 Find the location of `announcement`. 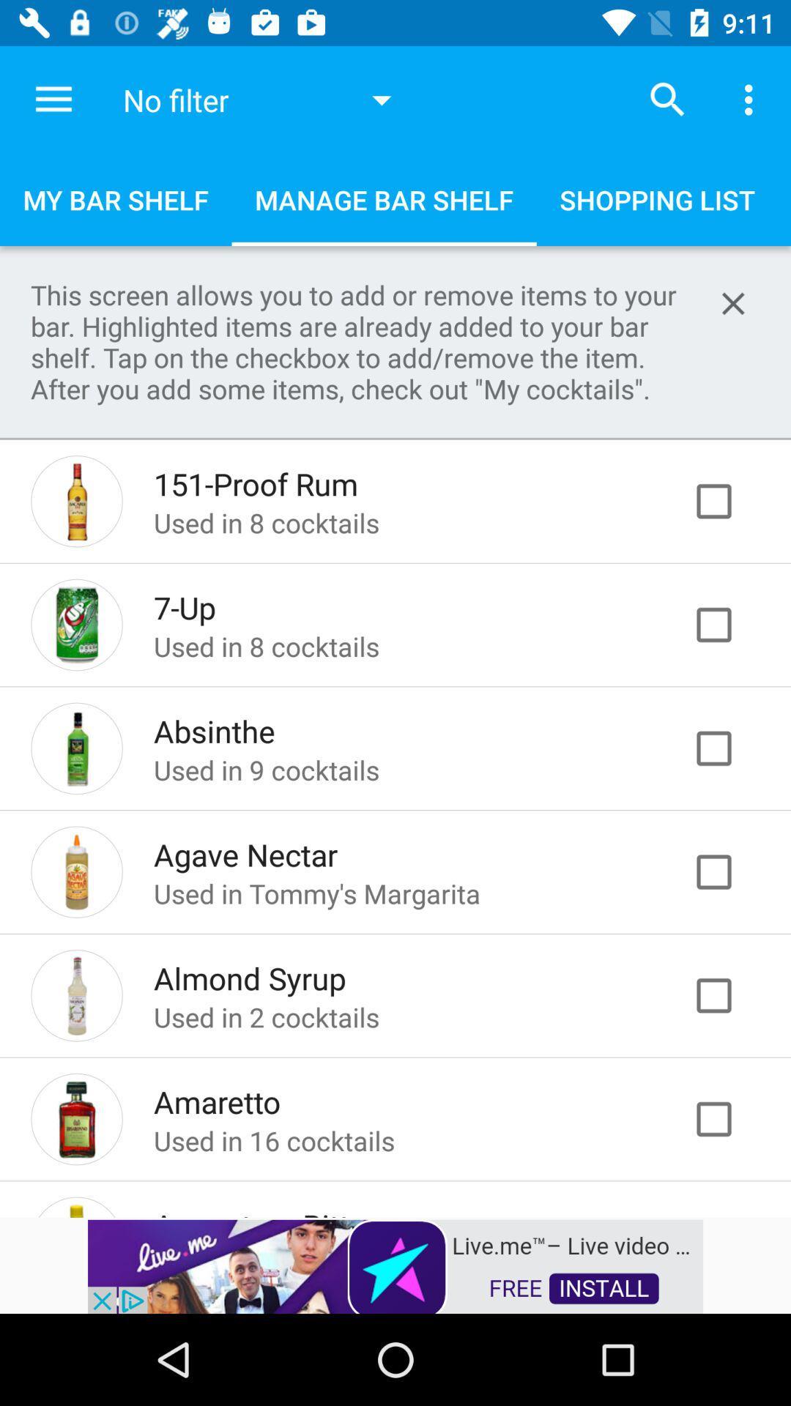

announcement is located at coordinates (733, 302).